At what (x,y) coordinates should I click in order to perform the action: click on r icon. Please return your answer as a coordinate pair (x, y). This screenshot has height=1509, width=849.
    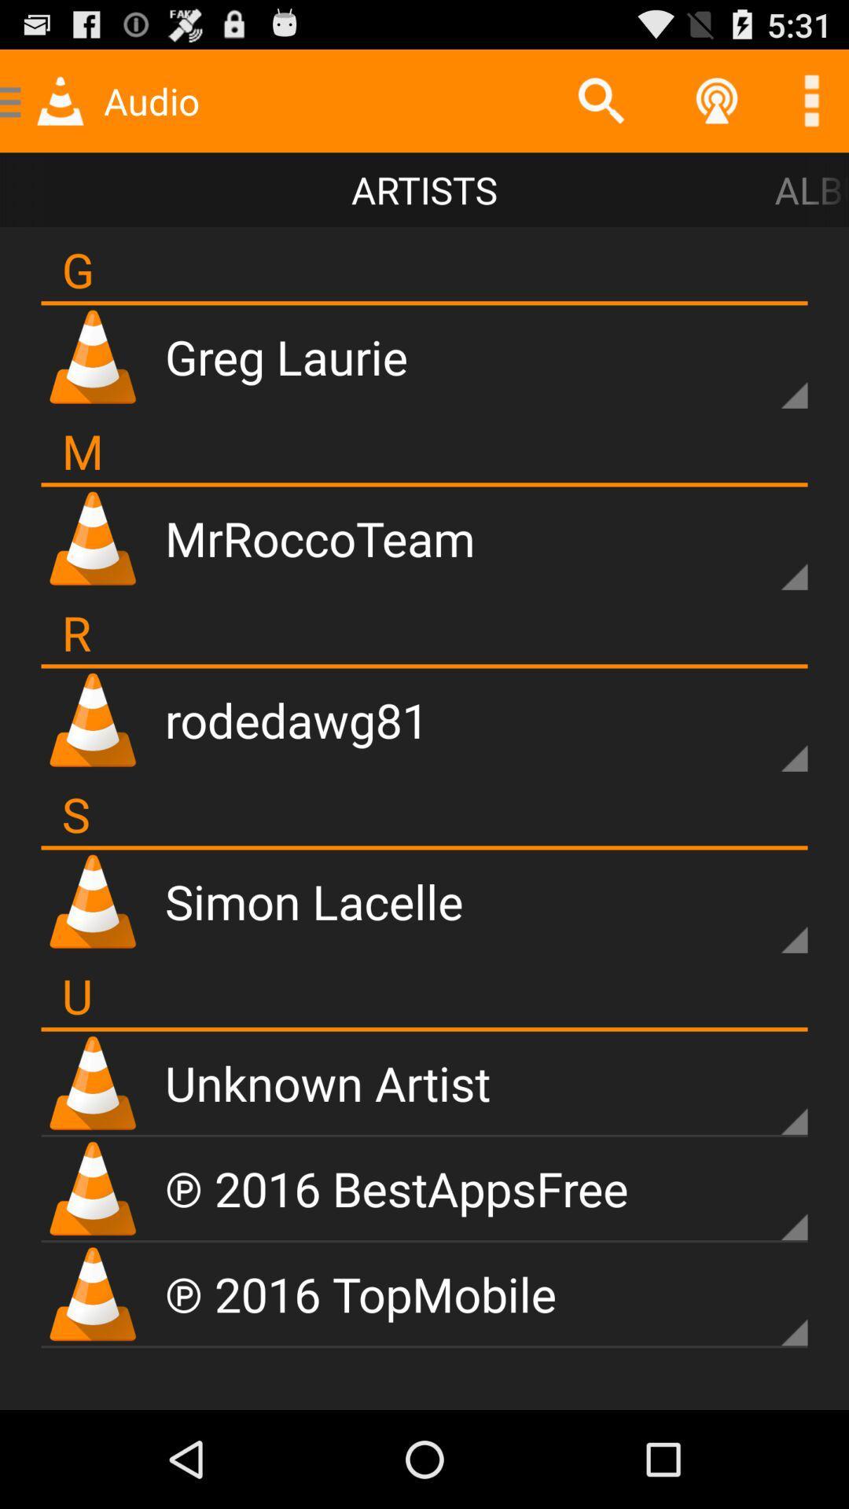
    Looking at the image, I should click on (76, 632).